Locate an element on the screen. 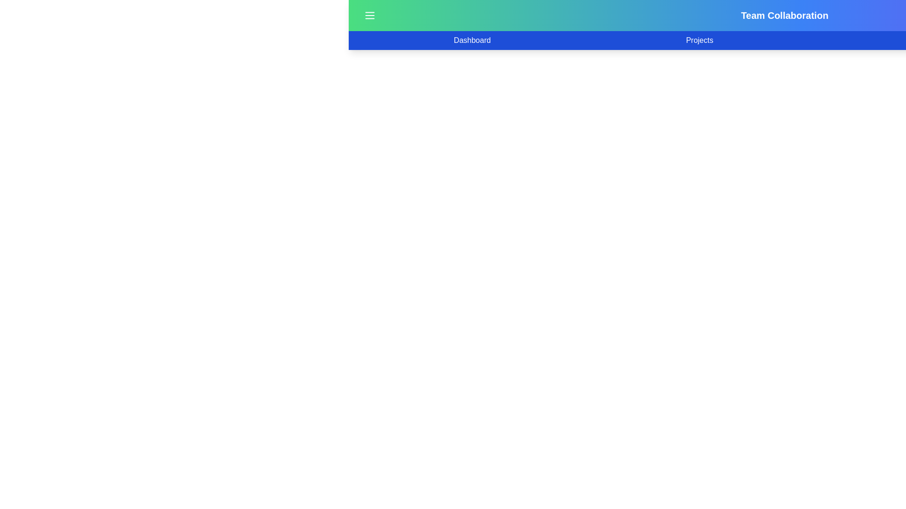  the Dashboard tab to navigate to the corresponding section is located at coordinates (472, 40).